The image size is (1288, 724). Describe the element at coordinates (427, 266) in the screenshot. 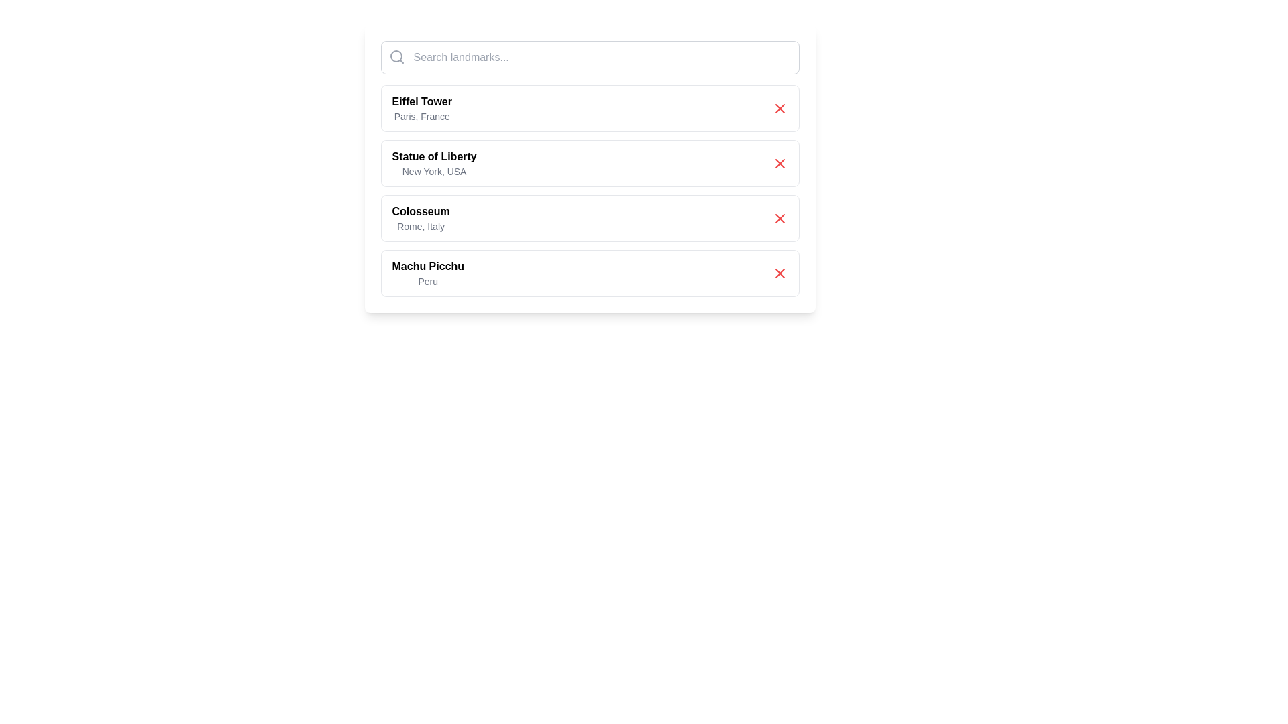

I see `the bold text label 'Machu Picchu', which is positioned above the subtext 'Peru' in a list of landmarks` at that location.